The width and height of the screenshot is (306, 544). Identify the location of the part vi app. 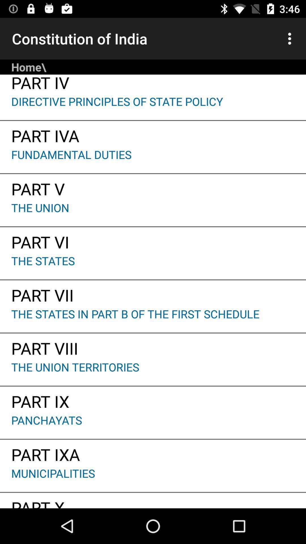
(153, 240).